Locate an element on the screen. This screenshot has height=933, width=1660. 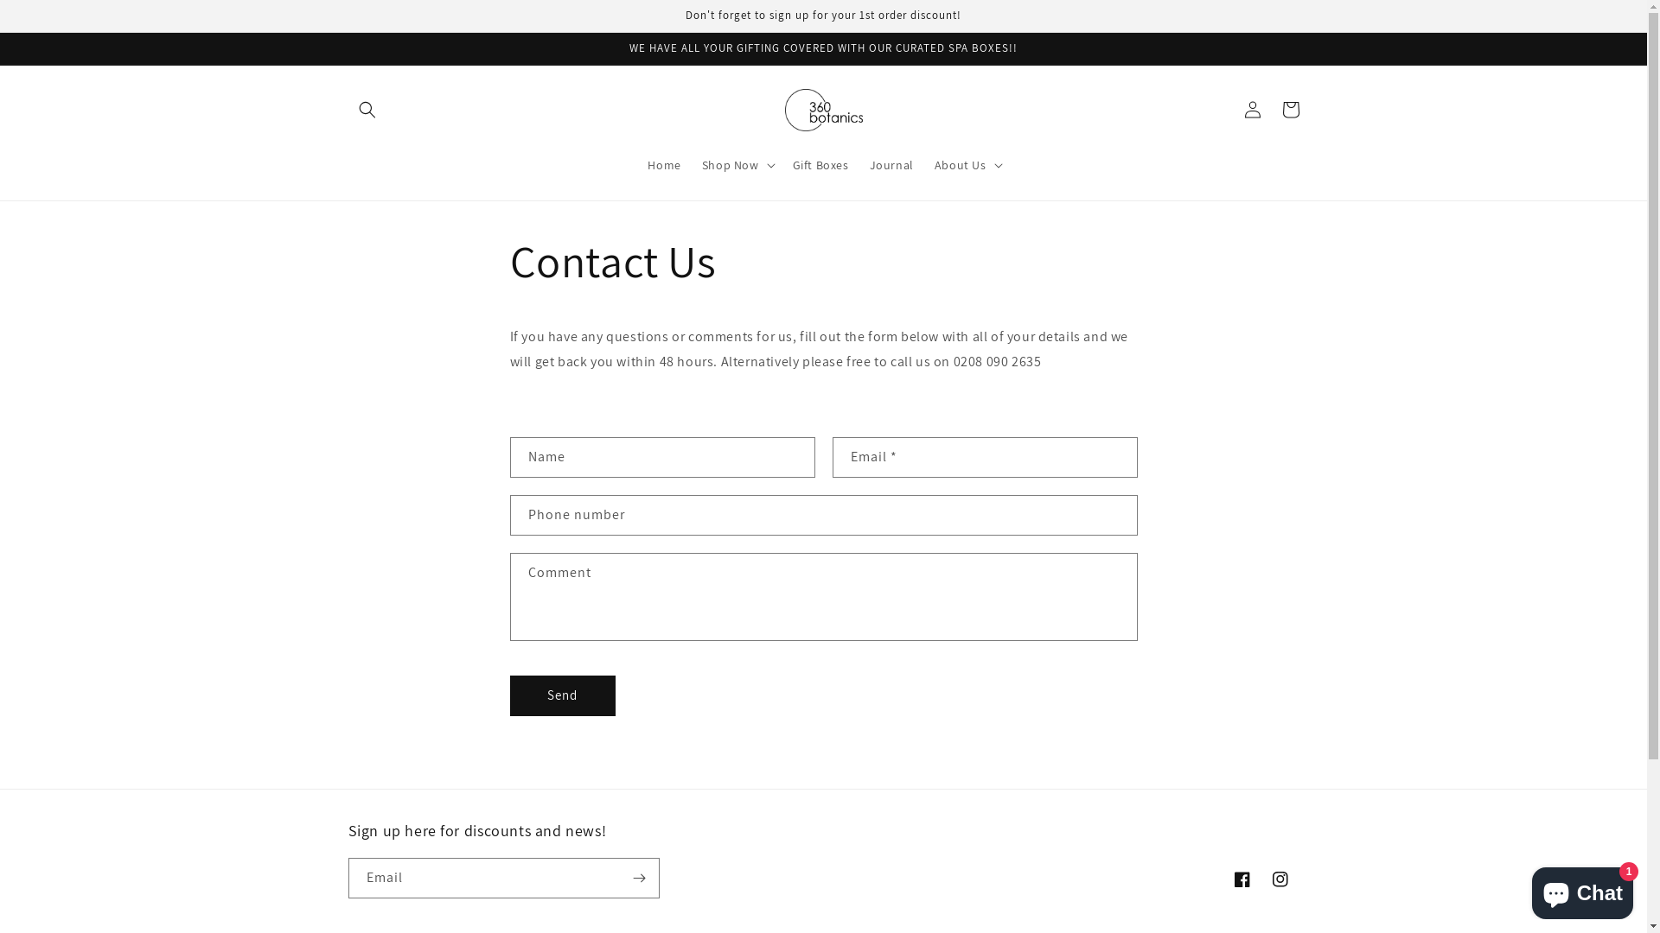
'Journal' is located at coordinates (891, 165).